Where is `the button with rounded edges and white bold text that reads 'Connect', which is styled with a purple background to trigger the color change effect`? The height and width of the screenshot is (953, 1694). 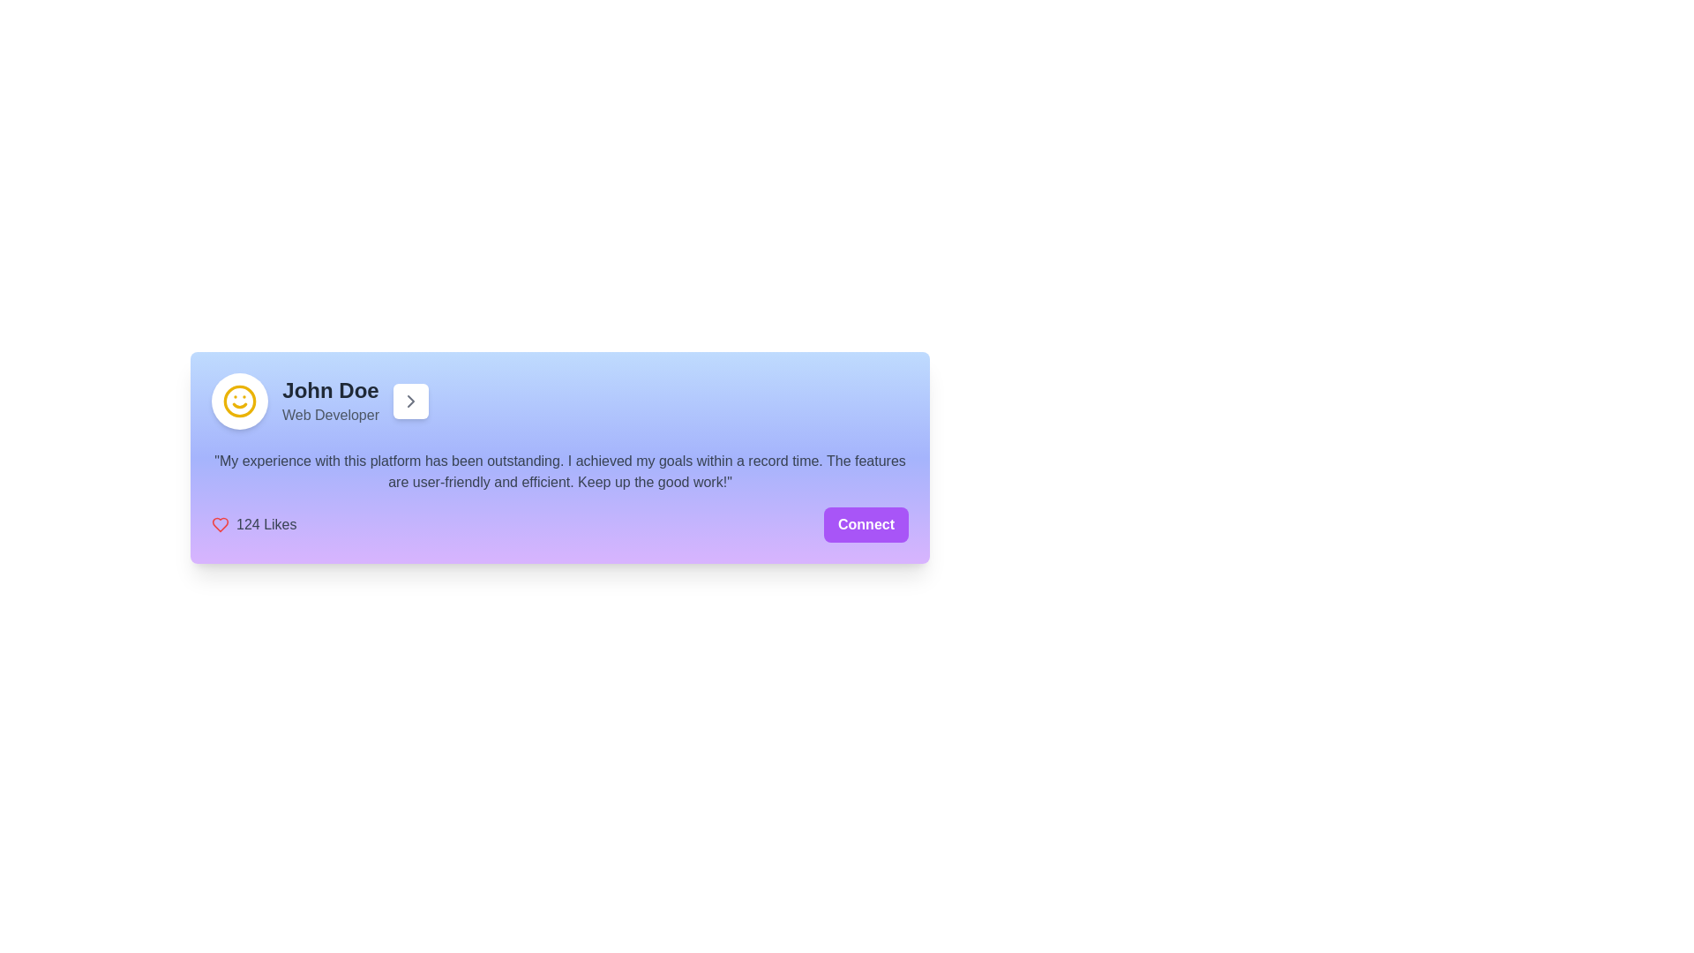 the button with rounded edges and white bold text that reads 'Connect', which is styled with a purple background to trigger the color change effect is located at coordinates (866, 523).